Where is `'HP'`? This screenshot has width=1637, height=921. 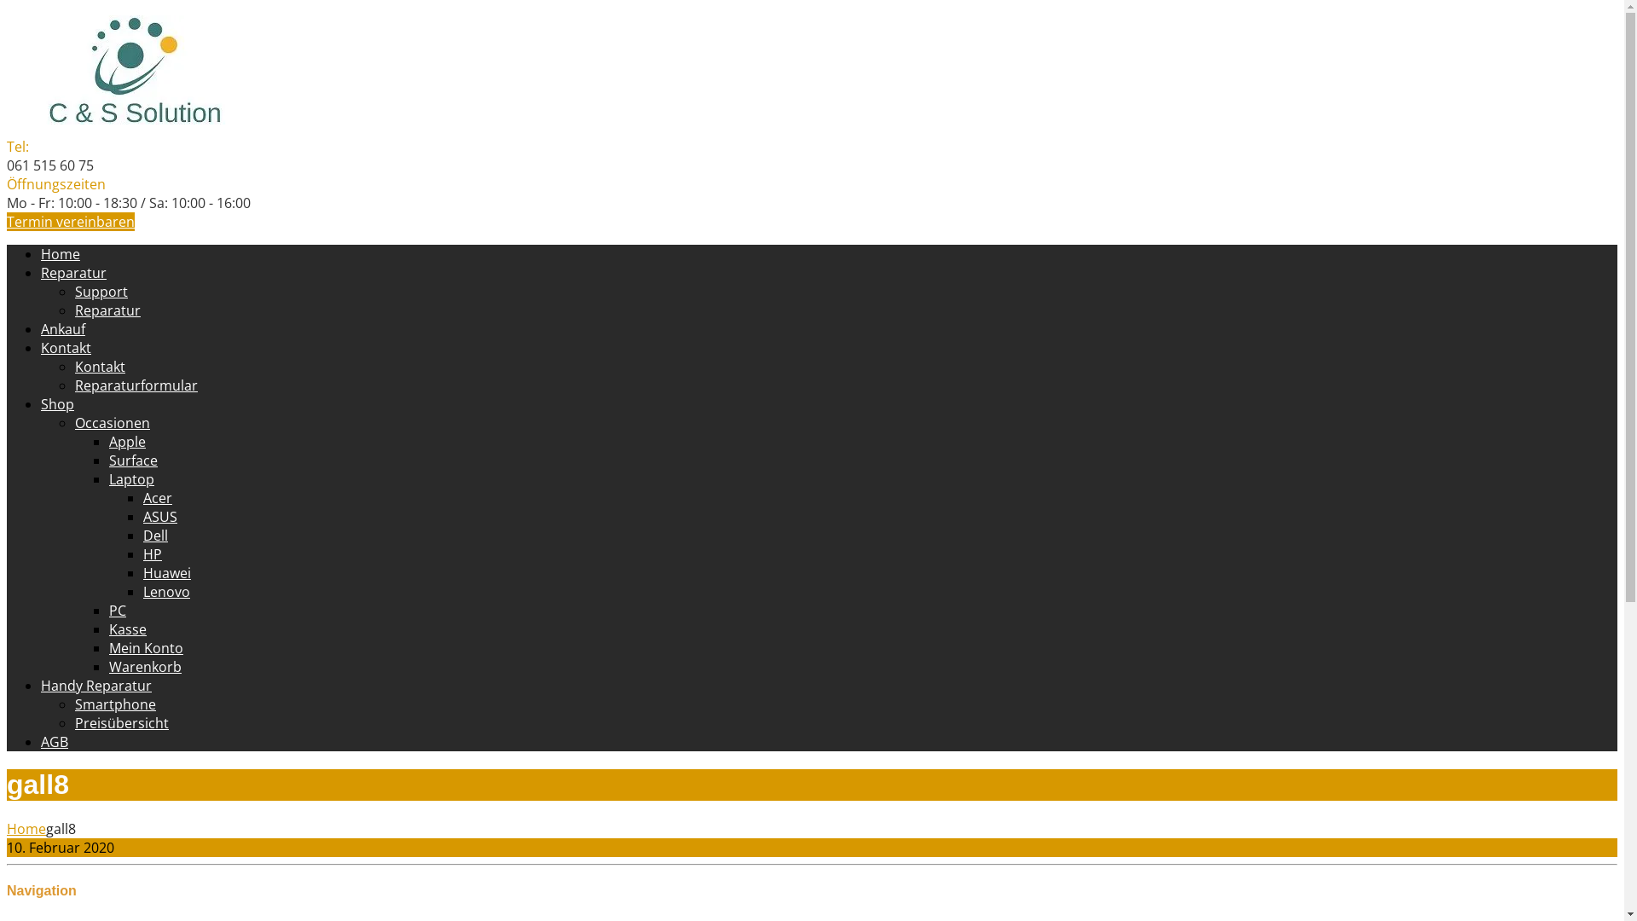 'HP' is located at coordinates (152, 554).